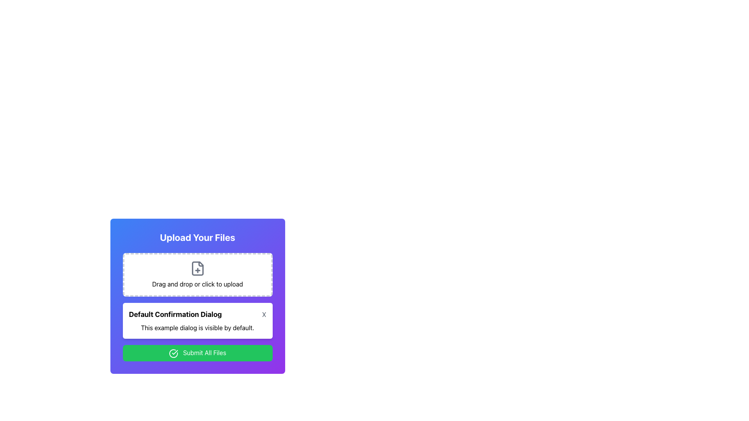  I want to click on the File Upload Area, so click(197, 296).